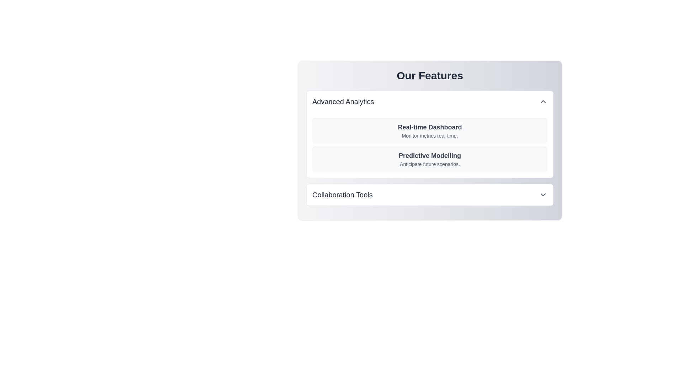  I want to click on the title text label for the 'Predictive Modelling' feature panel, which provides an overview of the predictive modeling feature, so click(429, 155).